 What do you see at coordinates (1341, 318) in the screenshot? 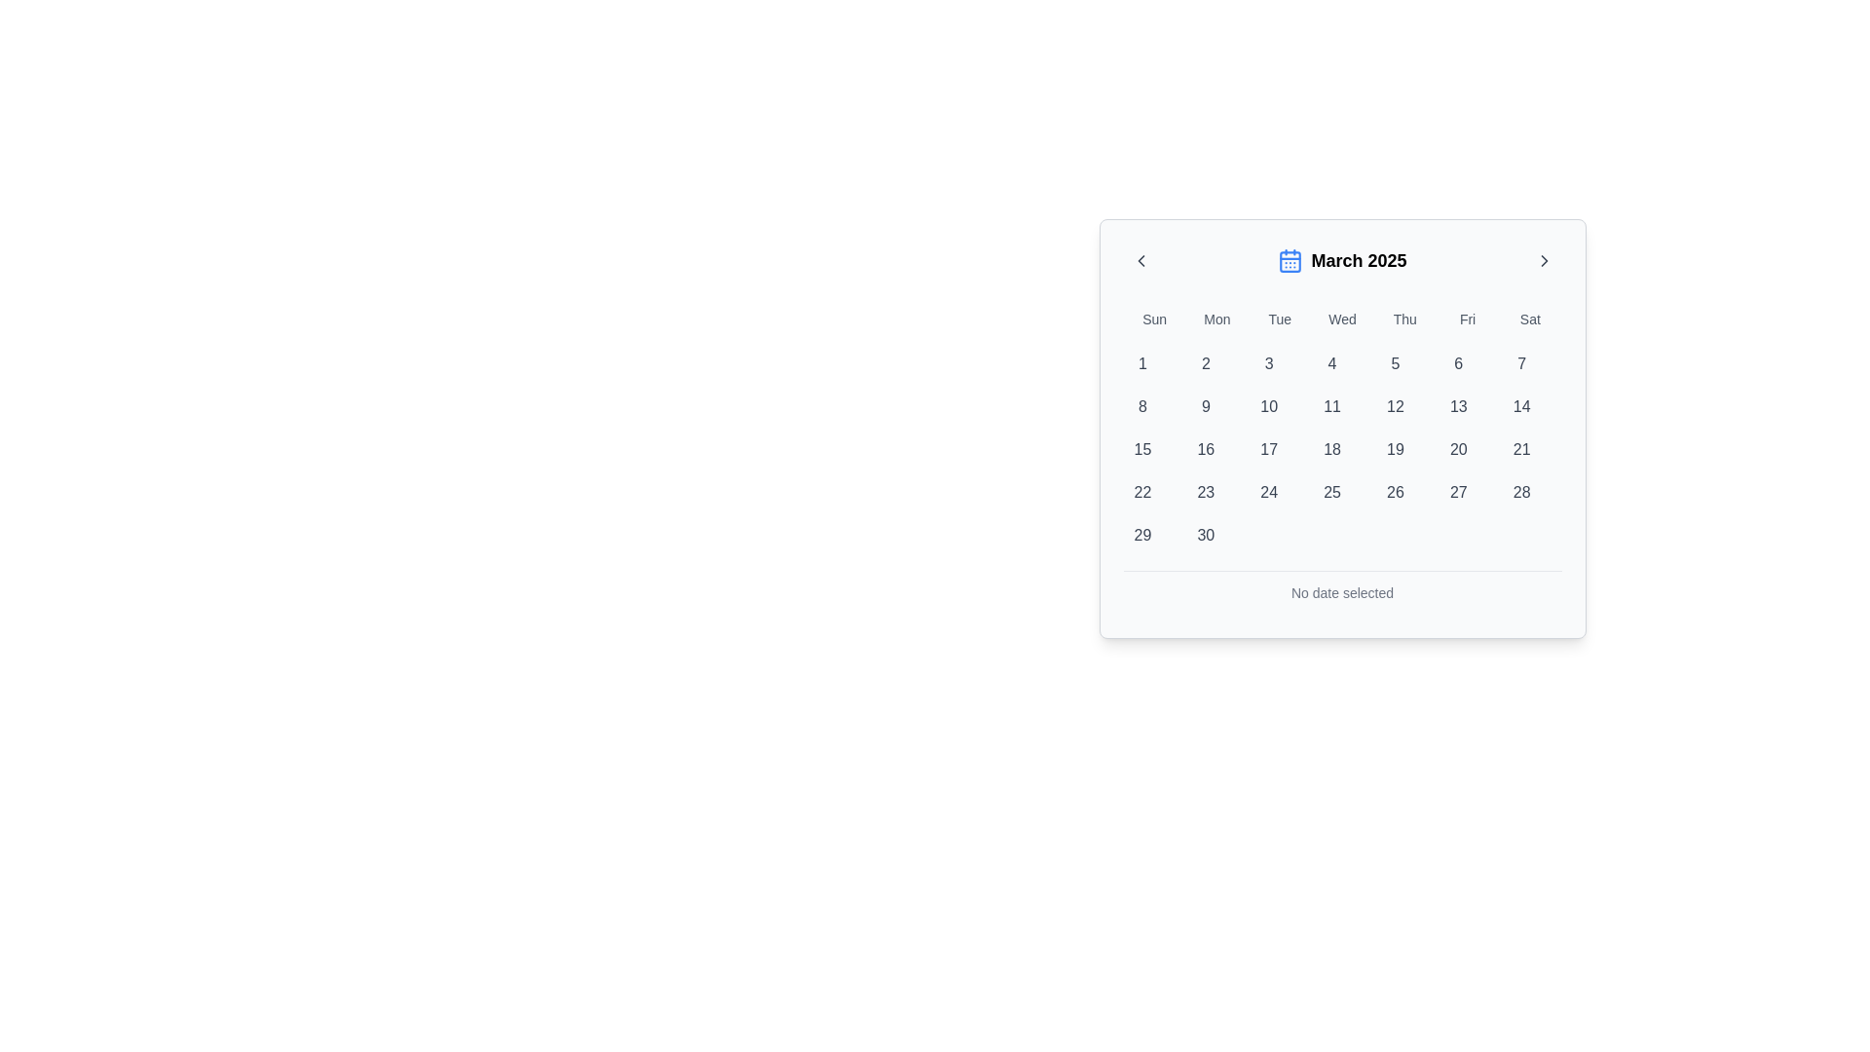
I see `the label displaying 'Wed', which is the fourth day of the week in a row of day labels in the calendar` at bounding box center [1341, 318].